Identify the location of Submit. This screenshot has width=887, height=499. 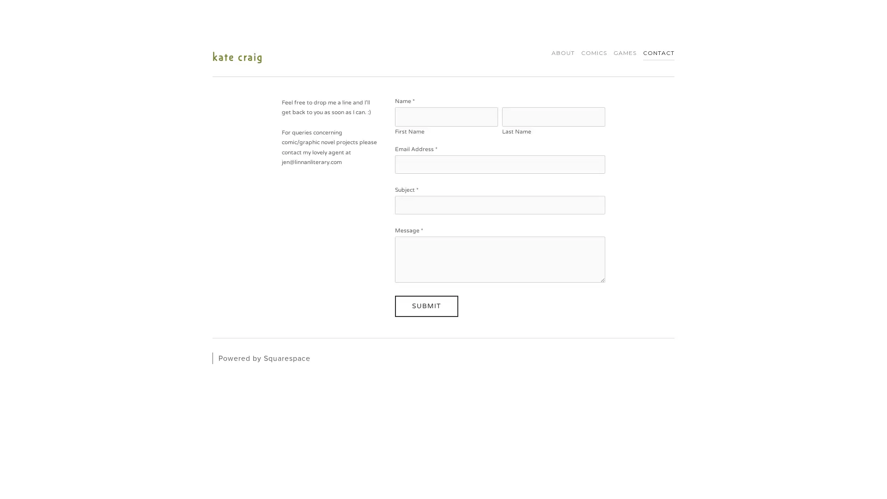
(425, 306).